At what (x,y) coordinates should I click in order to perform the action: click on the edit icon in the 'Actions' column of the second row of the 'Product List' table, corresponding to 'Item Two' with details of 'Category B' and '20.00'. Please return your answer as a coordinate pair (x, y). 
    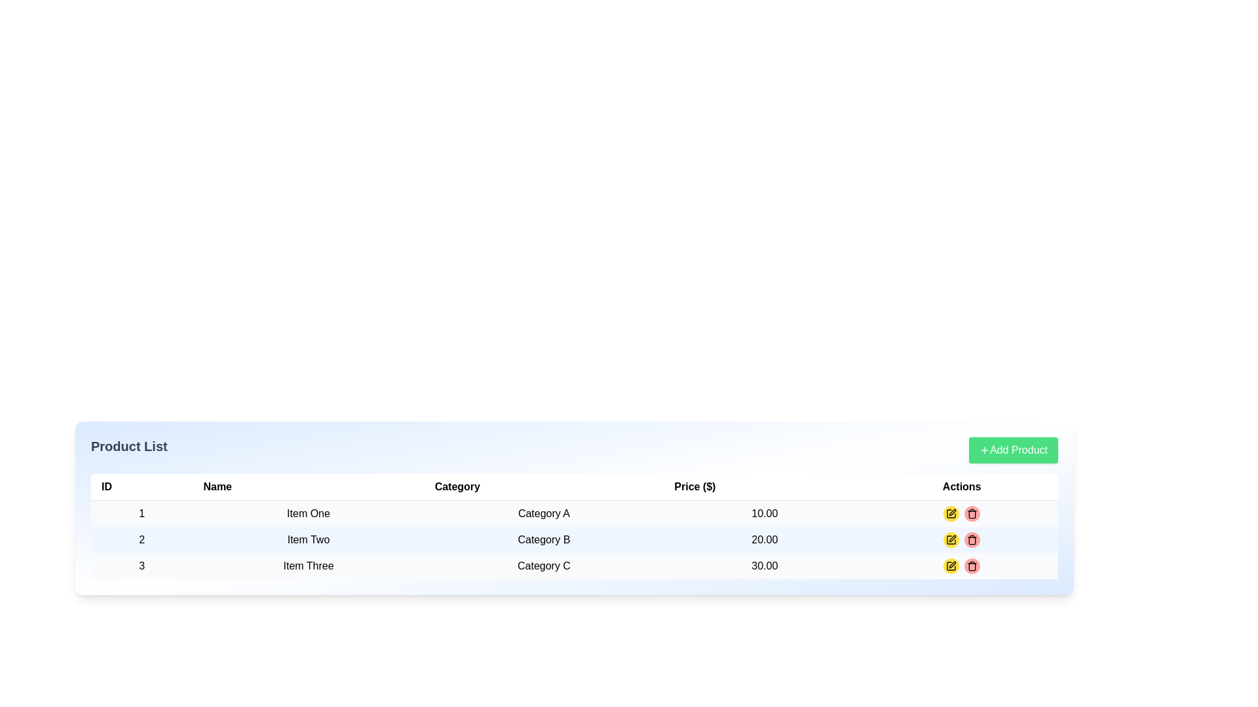
    Looking at the image, I should click on (951, 540).